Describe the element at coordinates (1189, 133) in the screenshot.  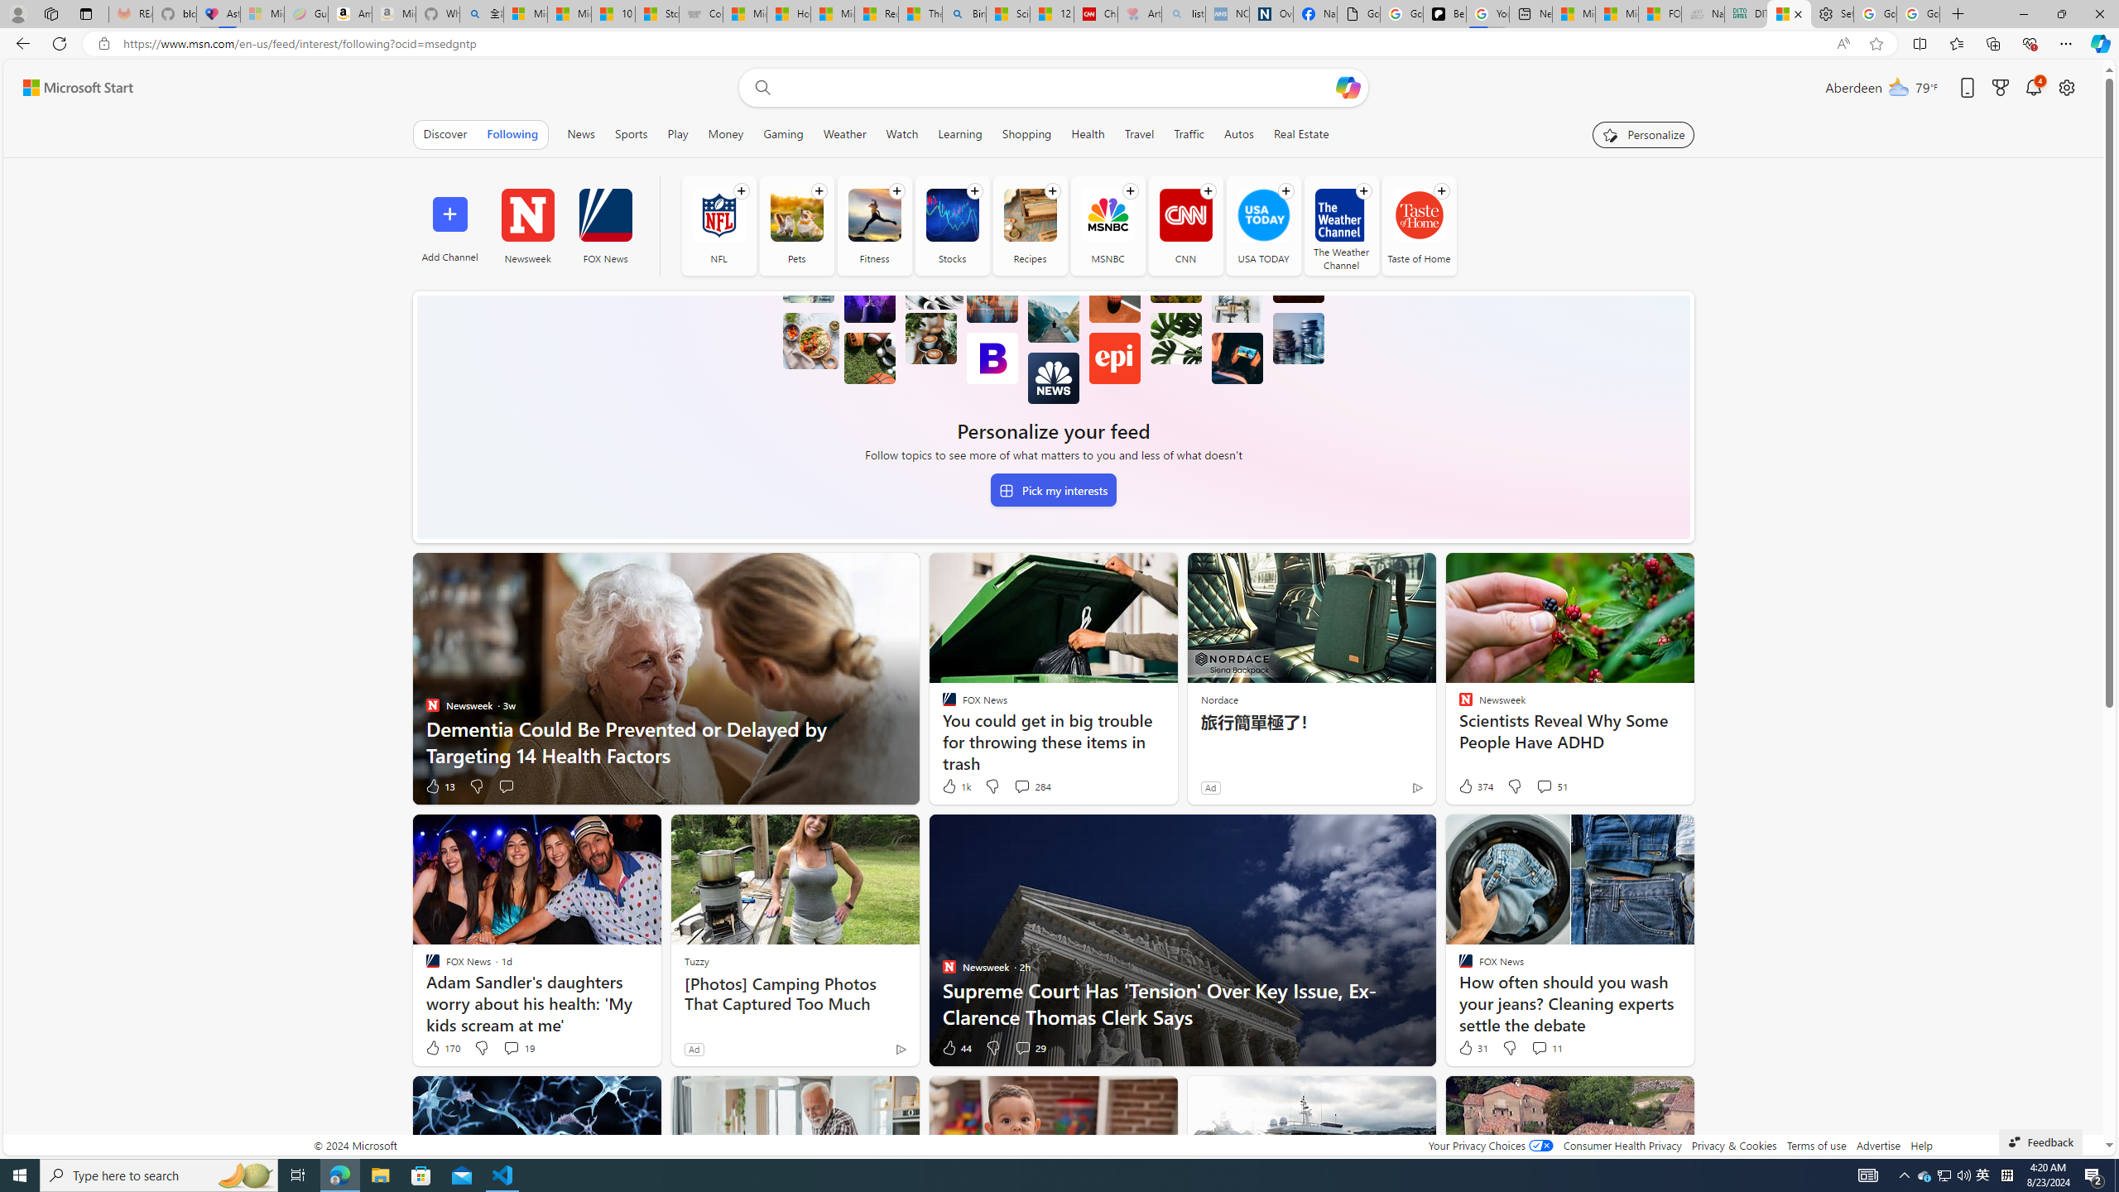
I see `'Traffic'` at that location.